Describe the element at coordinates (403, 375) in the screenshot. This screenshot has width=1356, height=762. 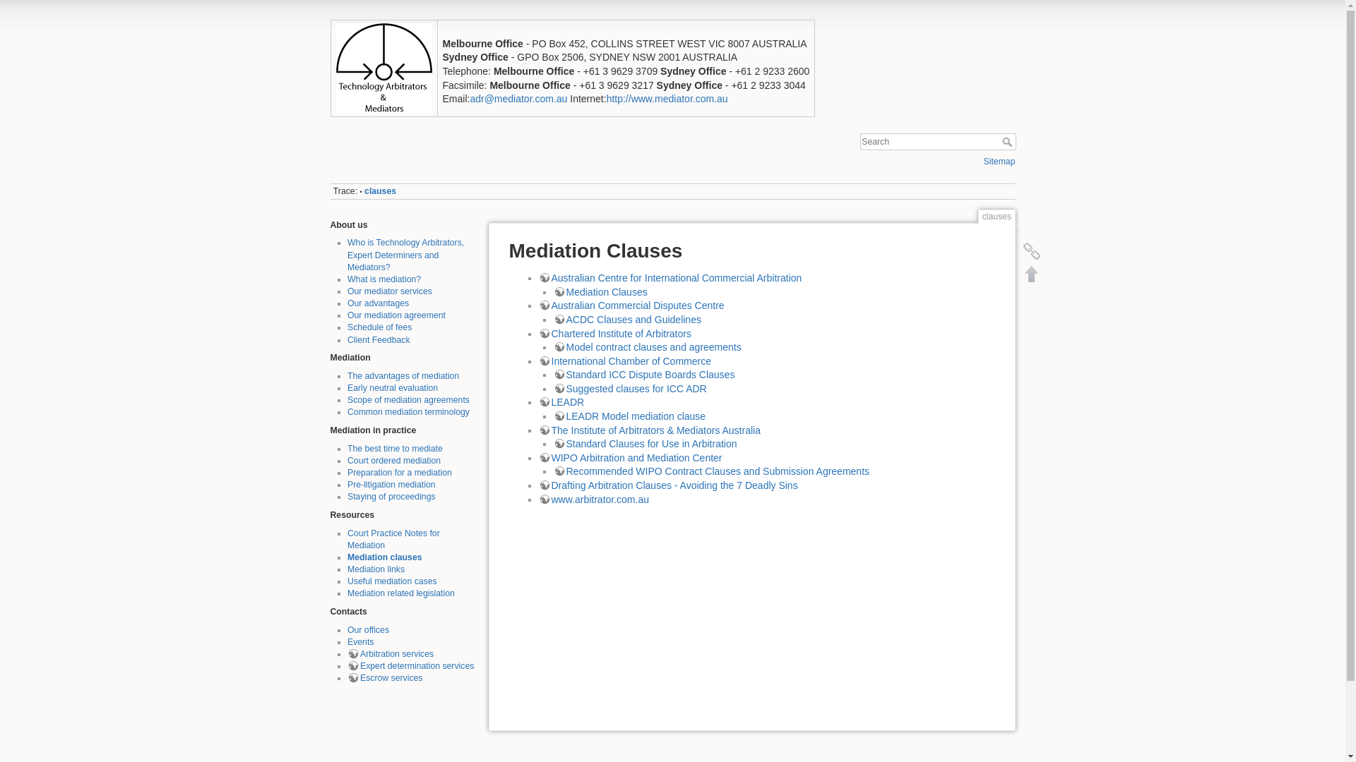
I see `'The advantages of mediation'` at that location.